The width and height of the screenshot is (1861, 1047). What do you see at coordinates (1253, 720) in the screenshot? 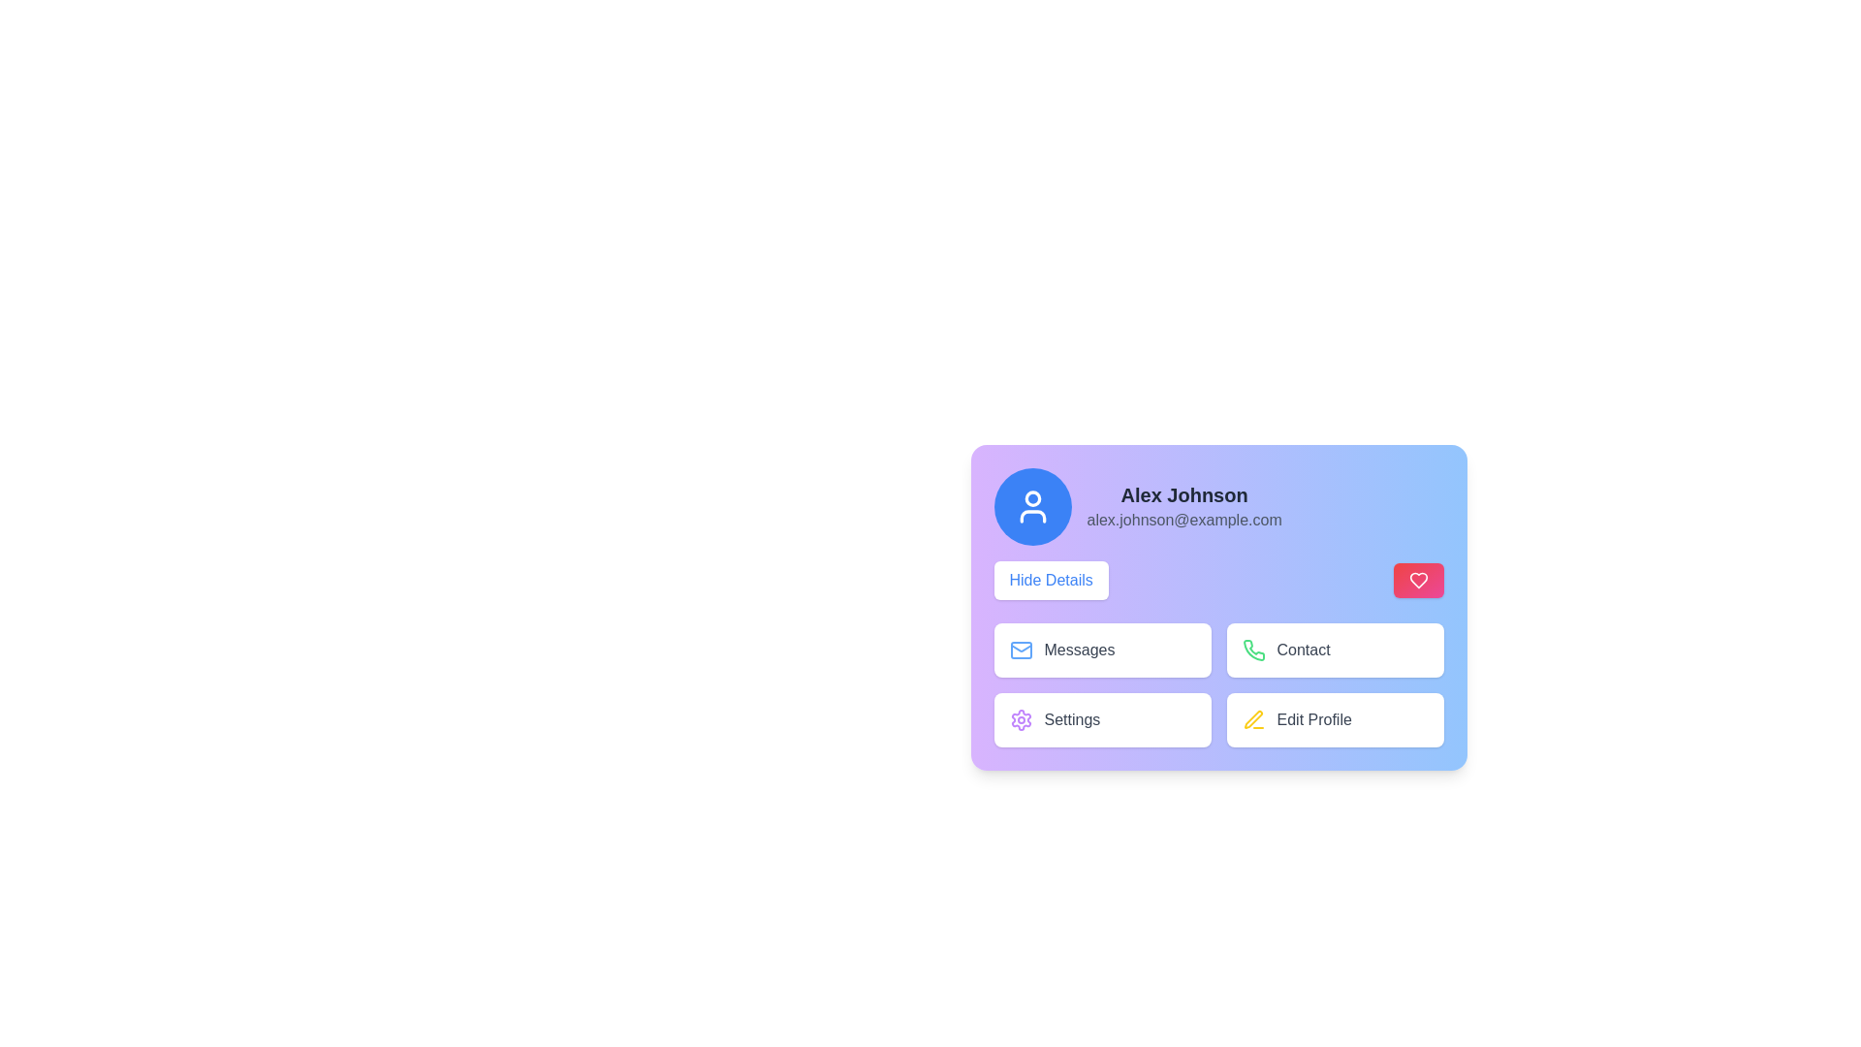
I see `the pen-shaped yellow icon button located in the lower right part of the 'Edit Profile' section to initiate the edit action` at bounding box center [1253, 720].